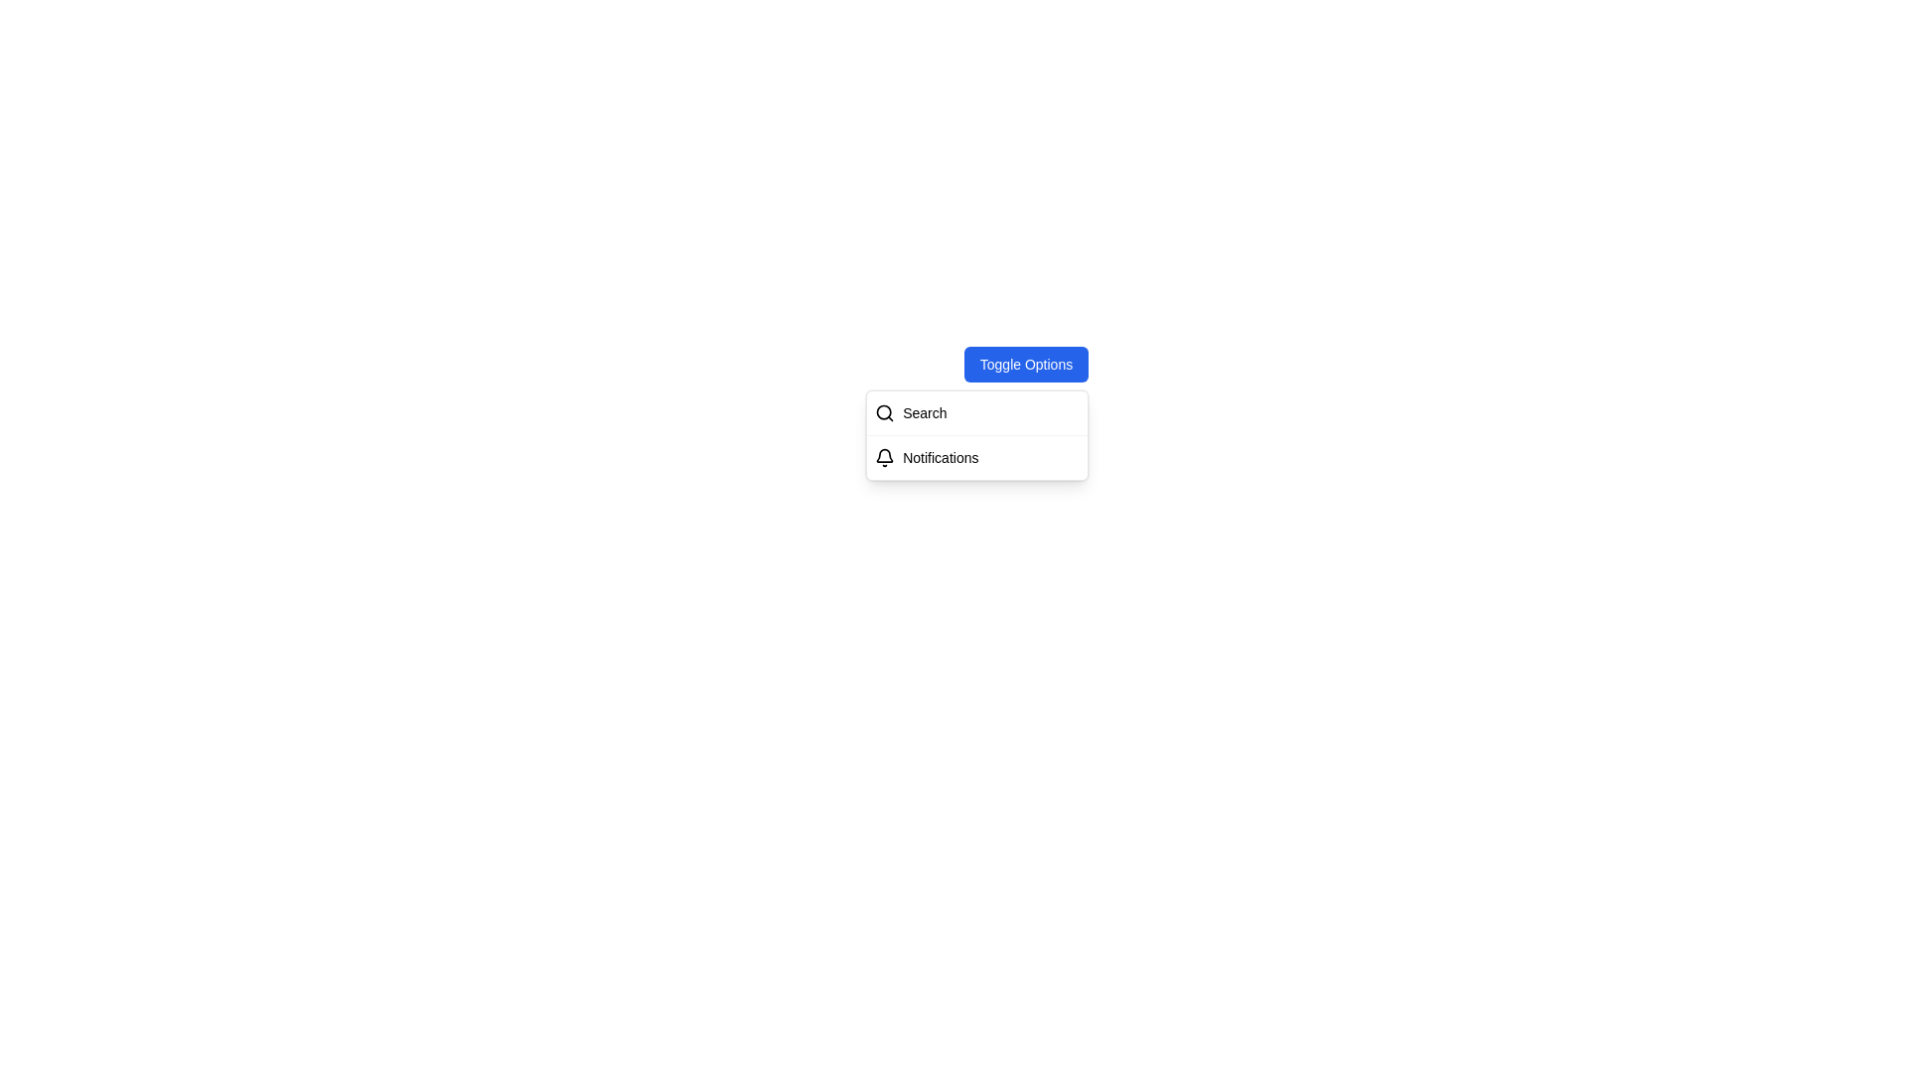 This screenshot has width=1907, height=1073. I want to click on the magnifying glass icon located to the left of the text 'Search' within the dropdown menu, so click(883, 411).